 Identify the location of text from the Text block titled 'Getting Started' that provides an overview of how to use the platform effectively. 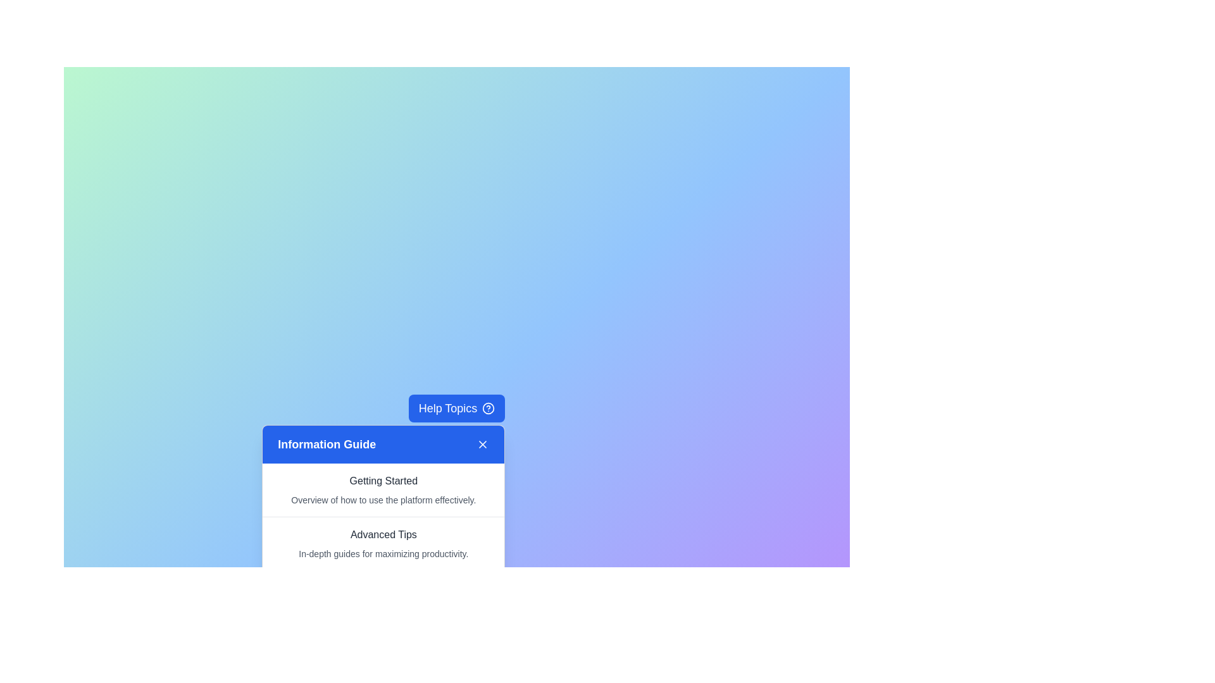
(383, 489).